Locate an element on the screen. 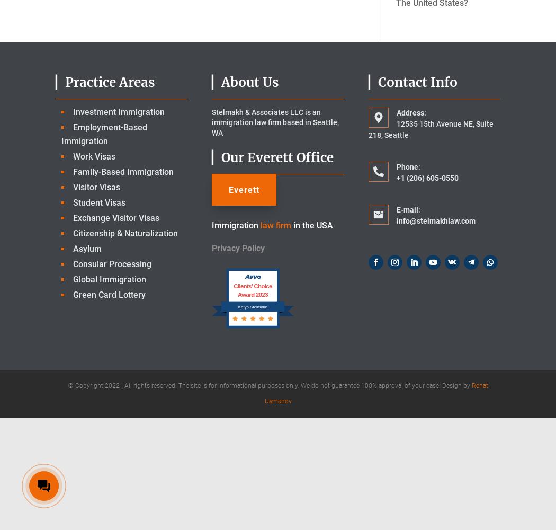 The width and height of the screenshot is (556, 530). 'Immigration' is located at coordinates (235, 225).